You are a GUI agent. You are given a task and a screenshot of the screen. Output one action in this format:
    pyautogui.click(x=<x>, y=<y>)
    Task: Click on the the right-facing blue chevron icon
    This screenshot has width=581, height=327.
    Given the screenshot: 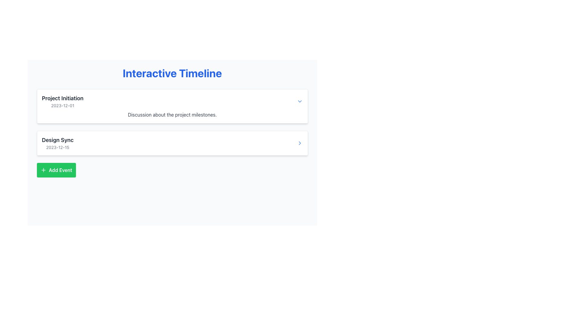 What is the action you would take?
    pyautogui.click(x=300, y=143)
    